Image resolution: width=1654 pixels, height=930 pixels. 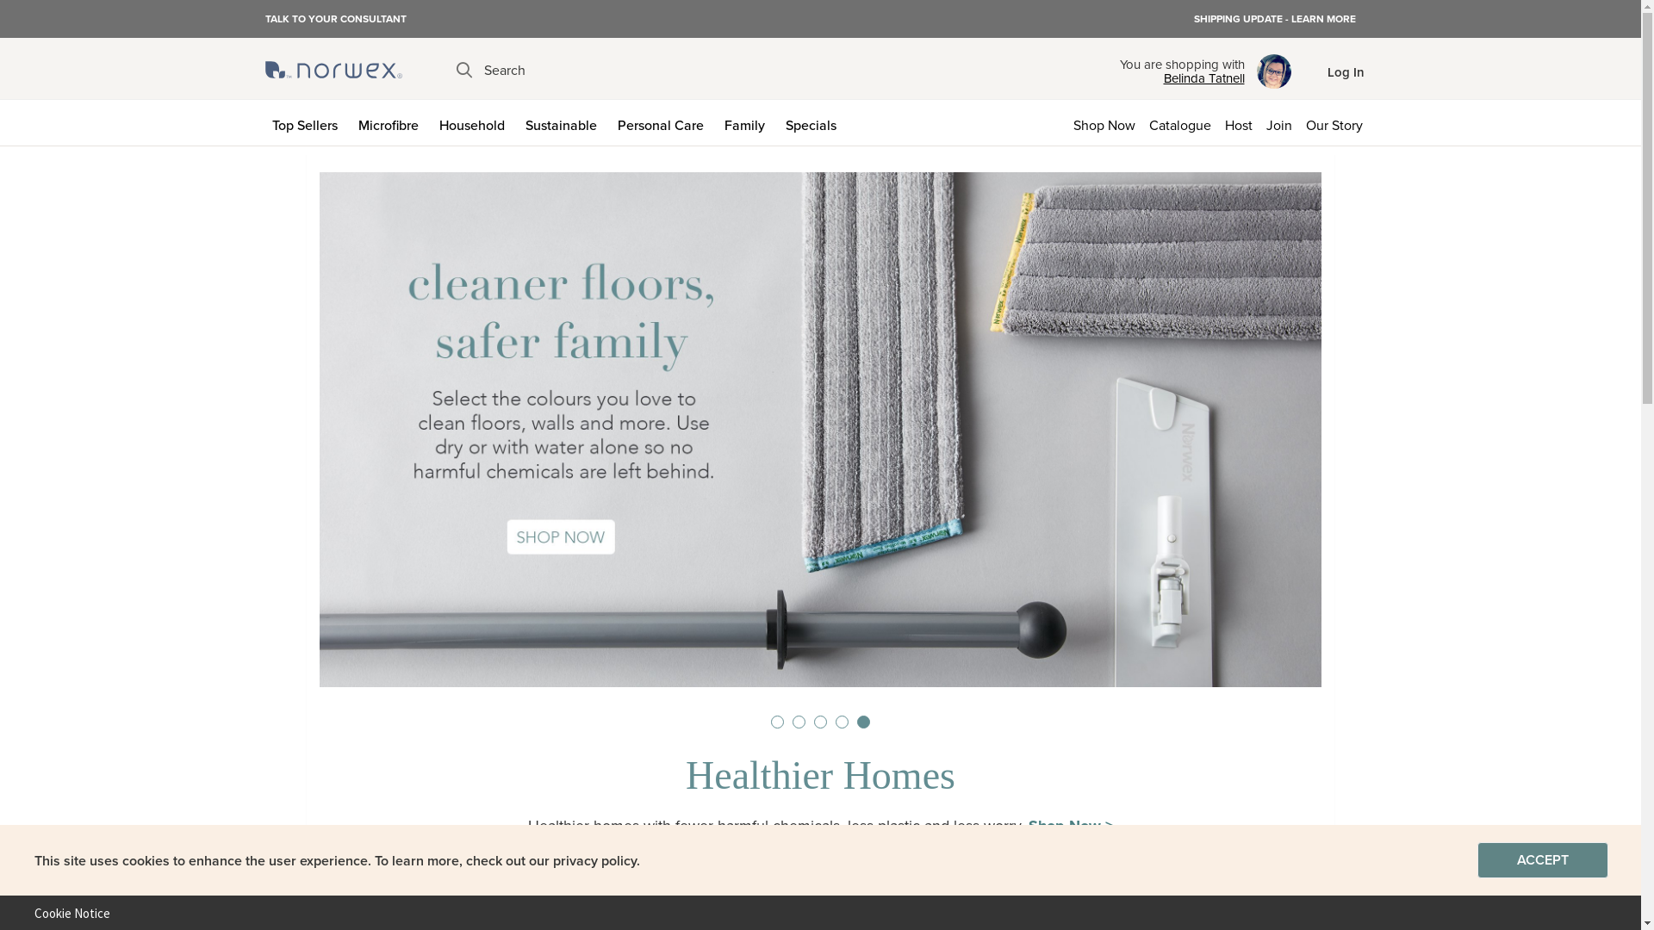 I want to click on 'Family', so click(x=716, y=121).